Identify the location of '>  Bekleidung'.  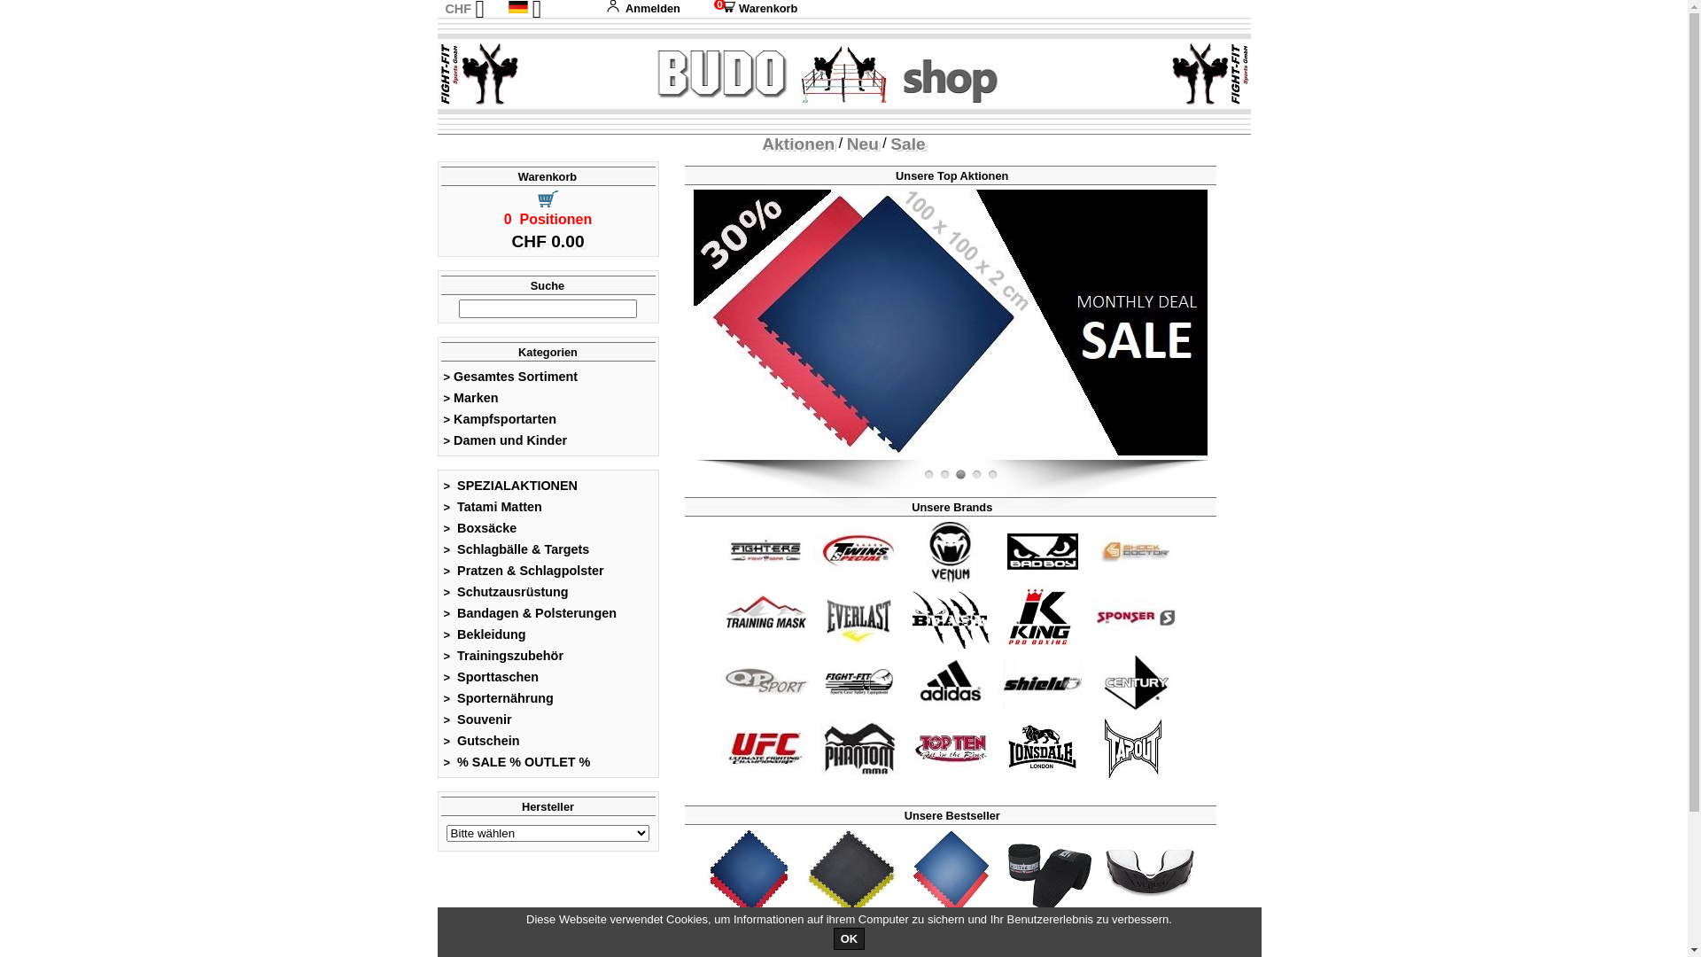
(485, 634).